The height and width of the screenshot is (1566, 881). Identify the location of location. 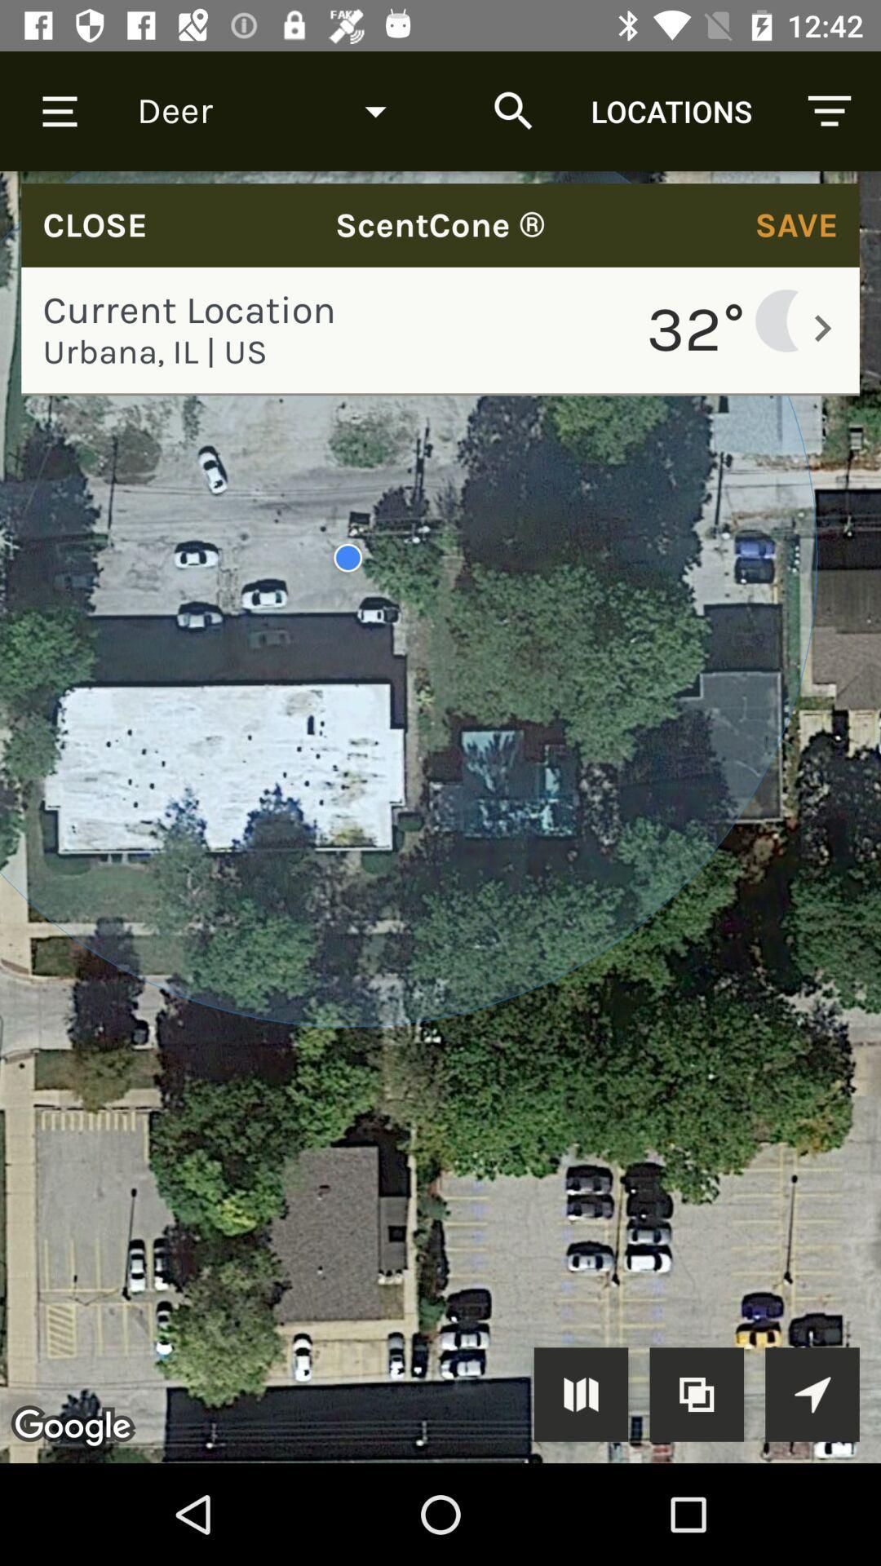
(812, 1393).